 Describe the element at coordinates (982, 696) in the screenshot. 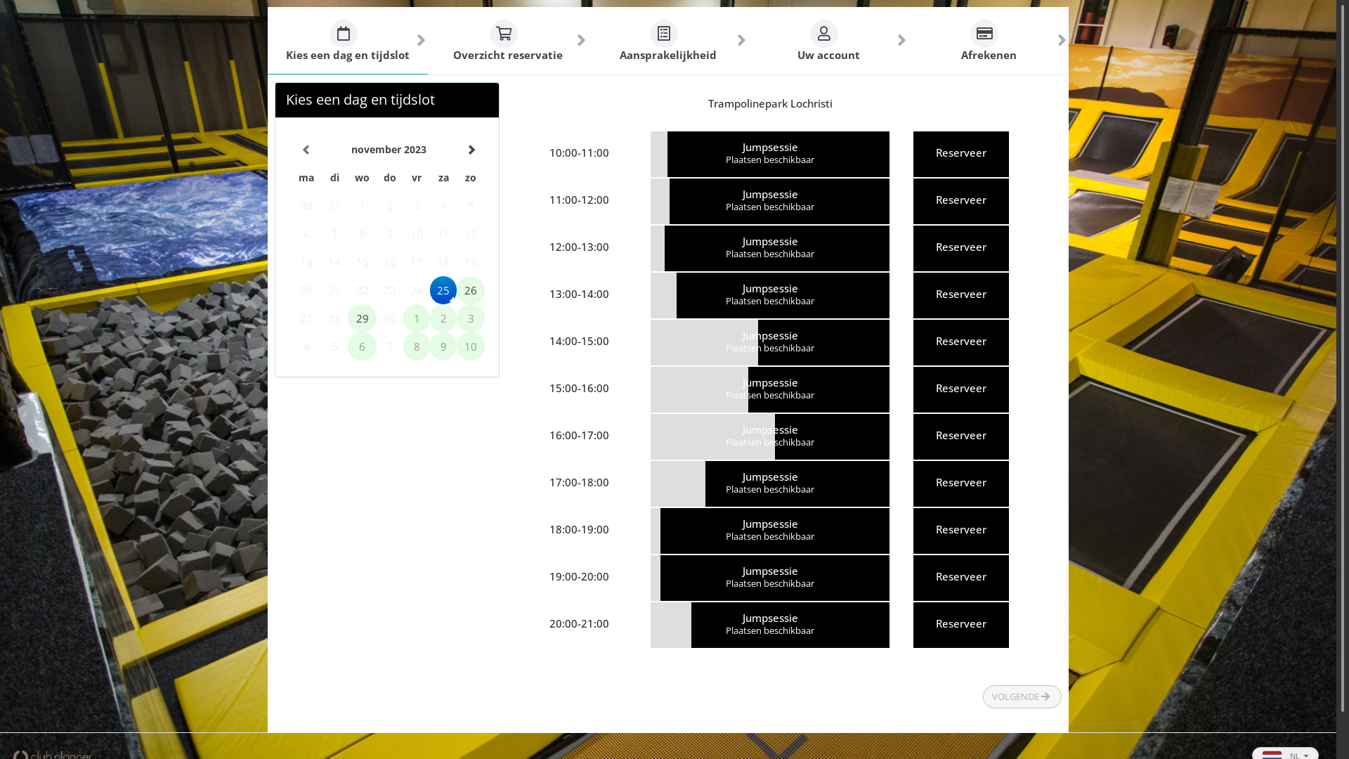

I see `'VOLGENDE'` at that location.